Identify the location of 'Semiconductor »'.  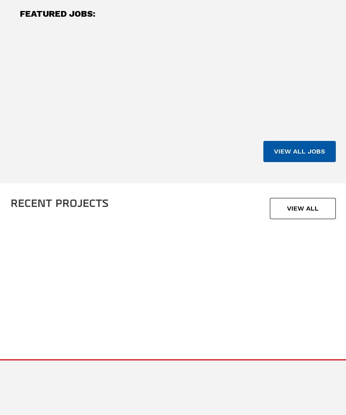
(183, 304).